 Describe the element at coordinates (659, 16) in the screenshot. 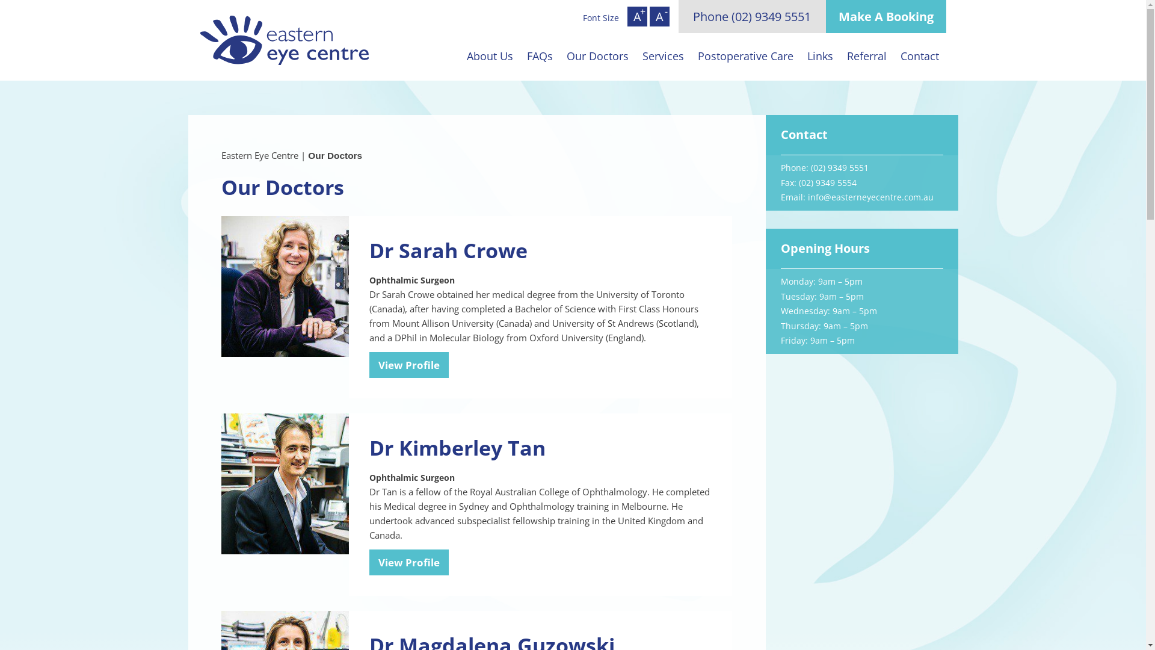

I see `'A` at that location.